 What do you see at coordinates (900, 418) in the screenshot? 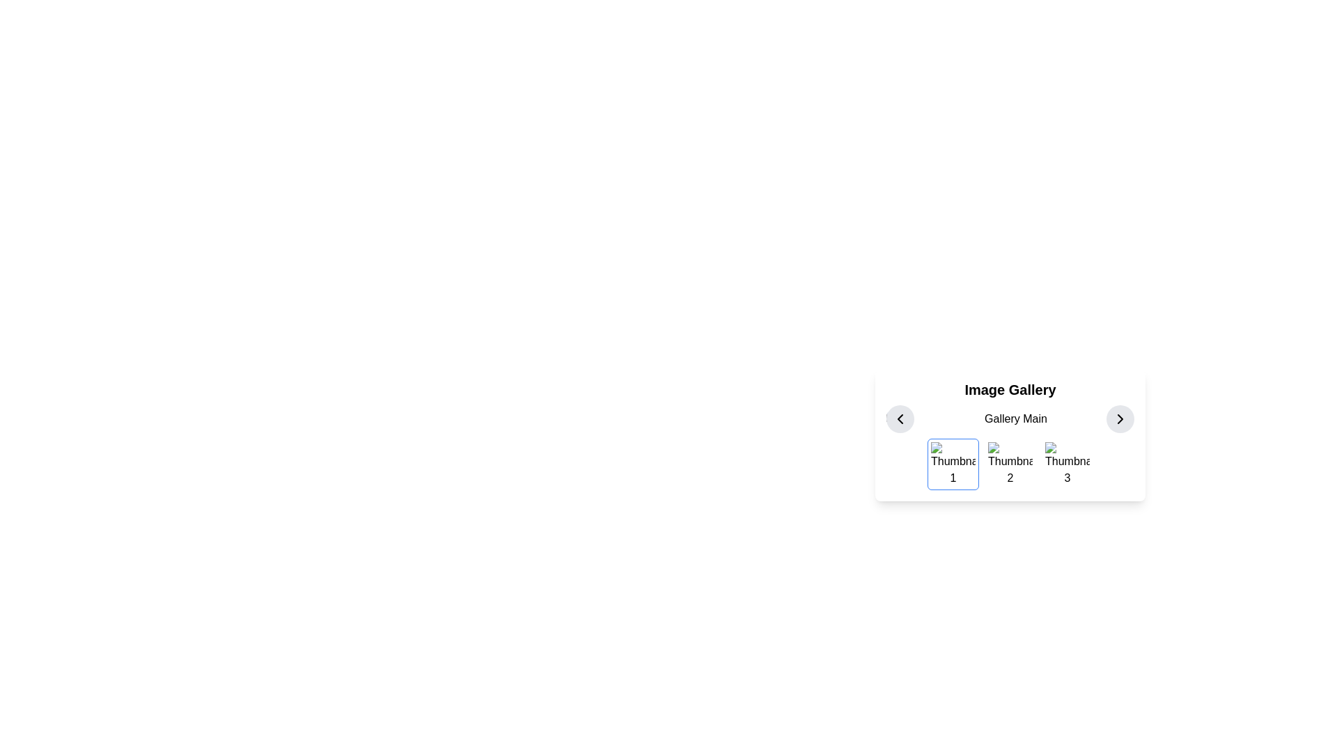
I see `the previous navigation button in the gallery to change its background color` at bounding box center [900, 418].